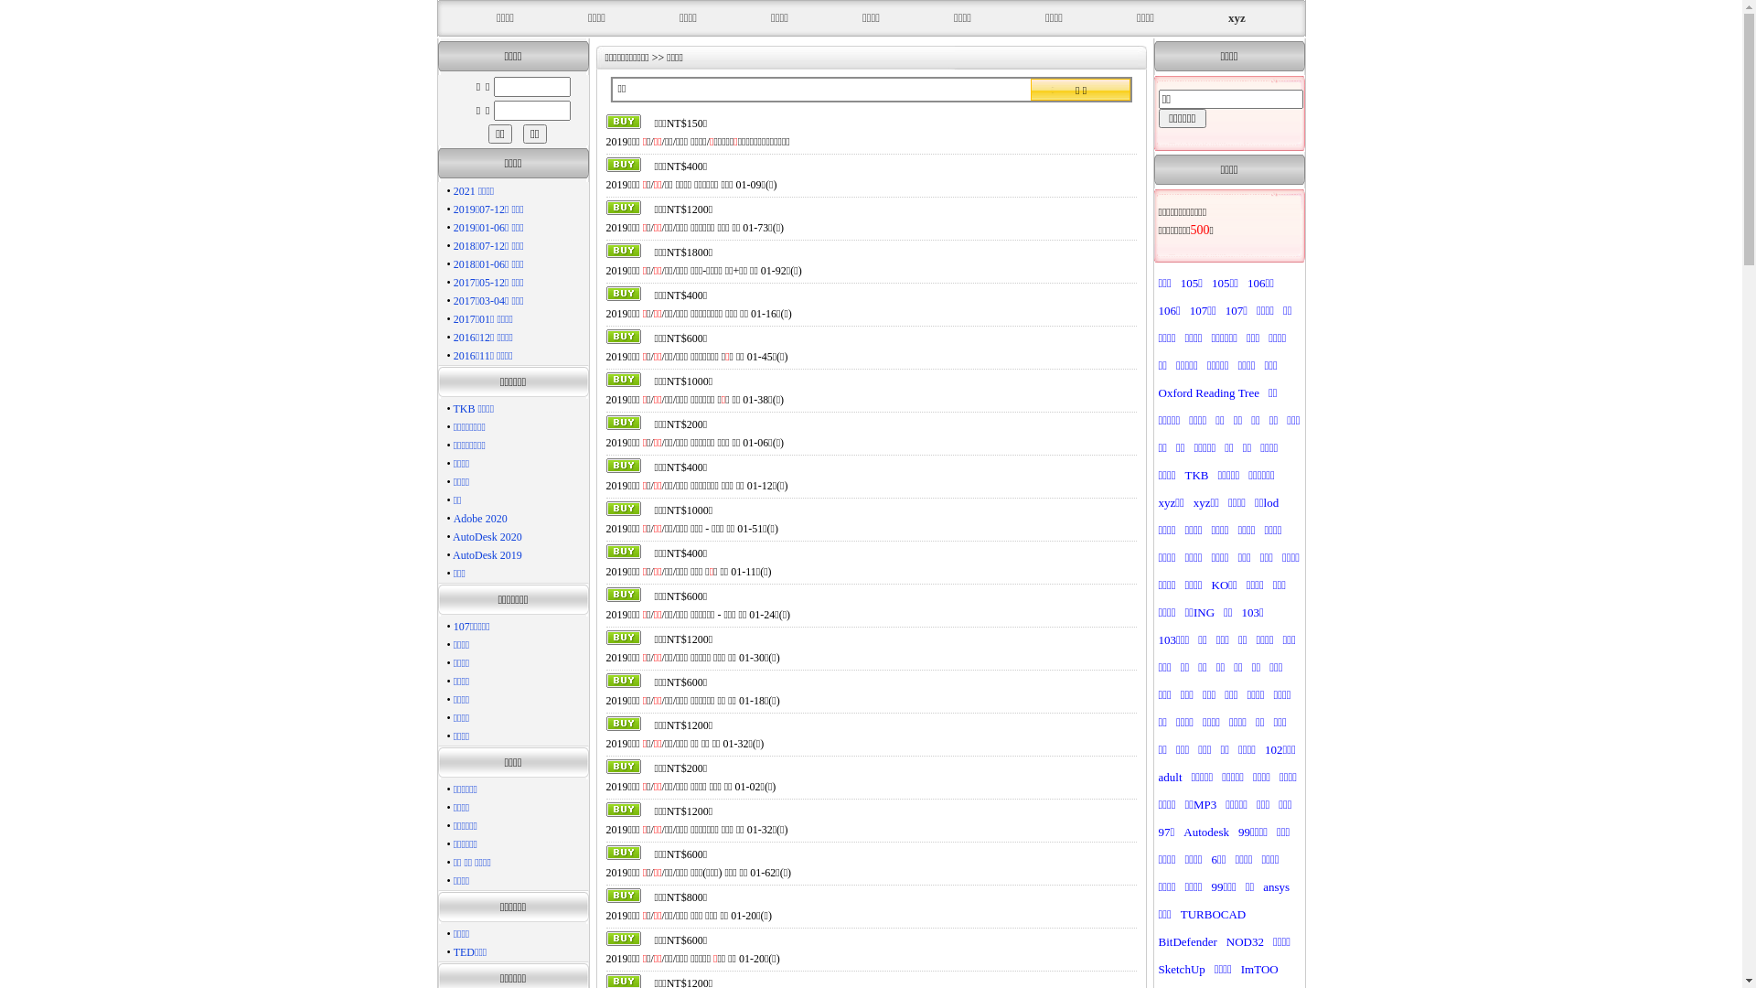 The image size is (1756, 988). Describe the element at coordinates (487, 553) in the screenshot. I see `'AutoDesk 2019'` at that location.